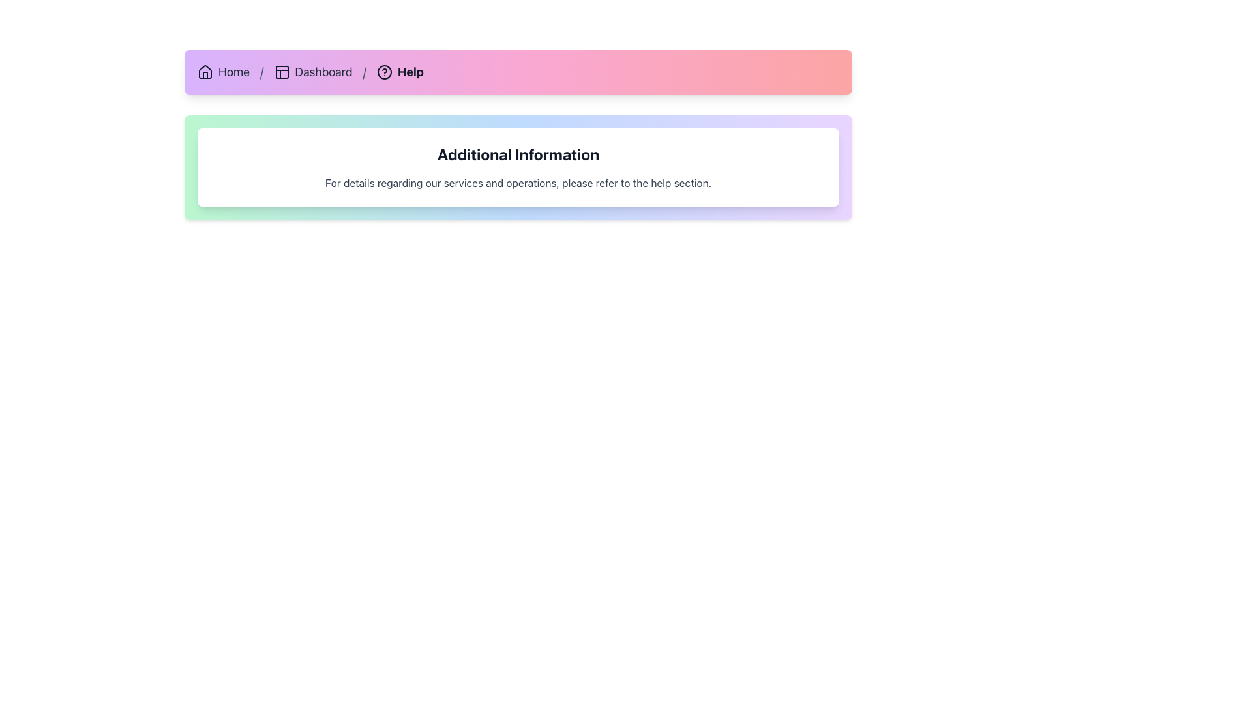 Image resolution: width=1252 pixels, height=704 pixels. I want to click on text label 'Home' which is a bold, dark-gray font in the horizontal navigation bar, positioned immediately to the right of the house-shaped icon, so click(234, 72).